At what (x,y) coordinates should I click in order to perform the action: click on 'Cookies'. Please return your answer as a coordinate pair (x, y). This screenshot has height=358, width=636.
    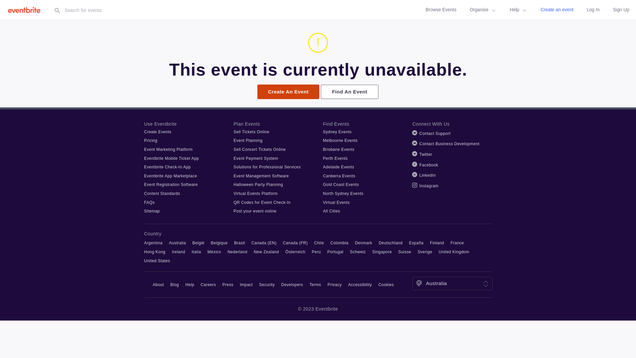
    Looking at the image, I should click on (386, 284).